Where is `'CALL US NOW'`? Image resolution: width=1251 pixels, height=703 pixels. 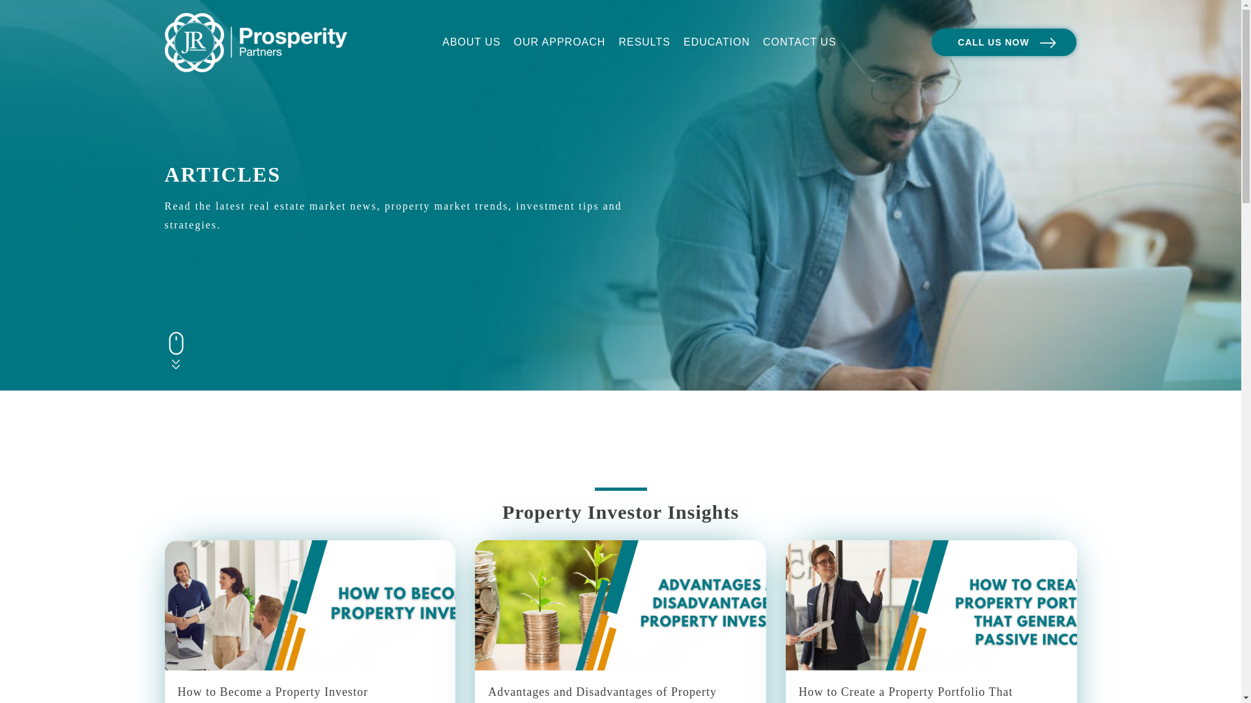 'CALL US NOW' is located at coordinates (1003, 42).